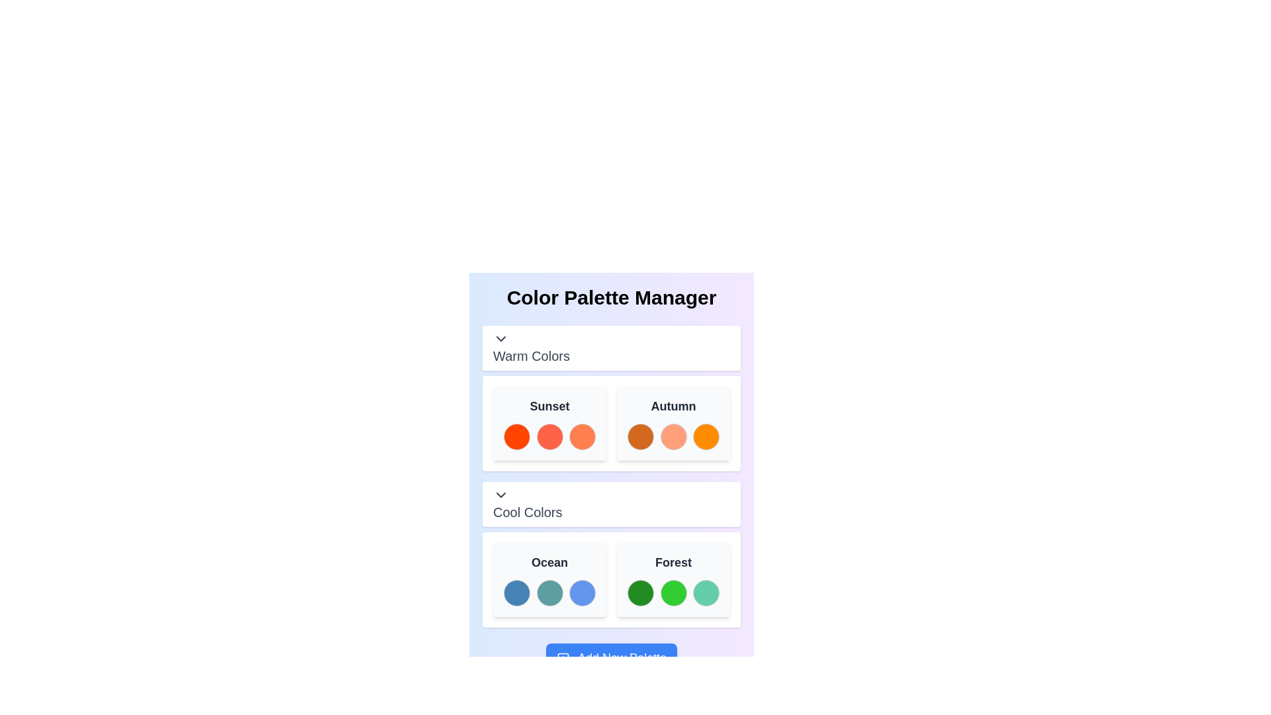 The width and height of the screenshot is (1271, 715). What do you see at coordinates (611, 554) in the screenshot?
I see `the individual palettes within the 'Color Palette Manager' section` at bounding box center [611, 554].